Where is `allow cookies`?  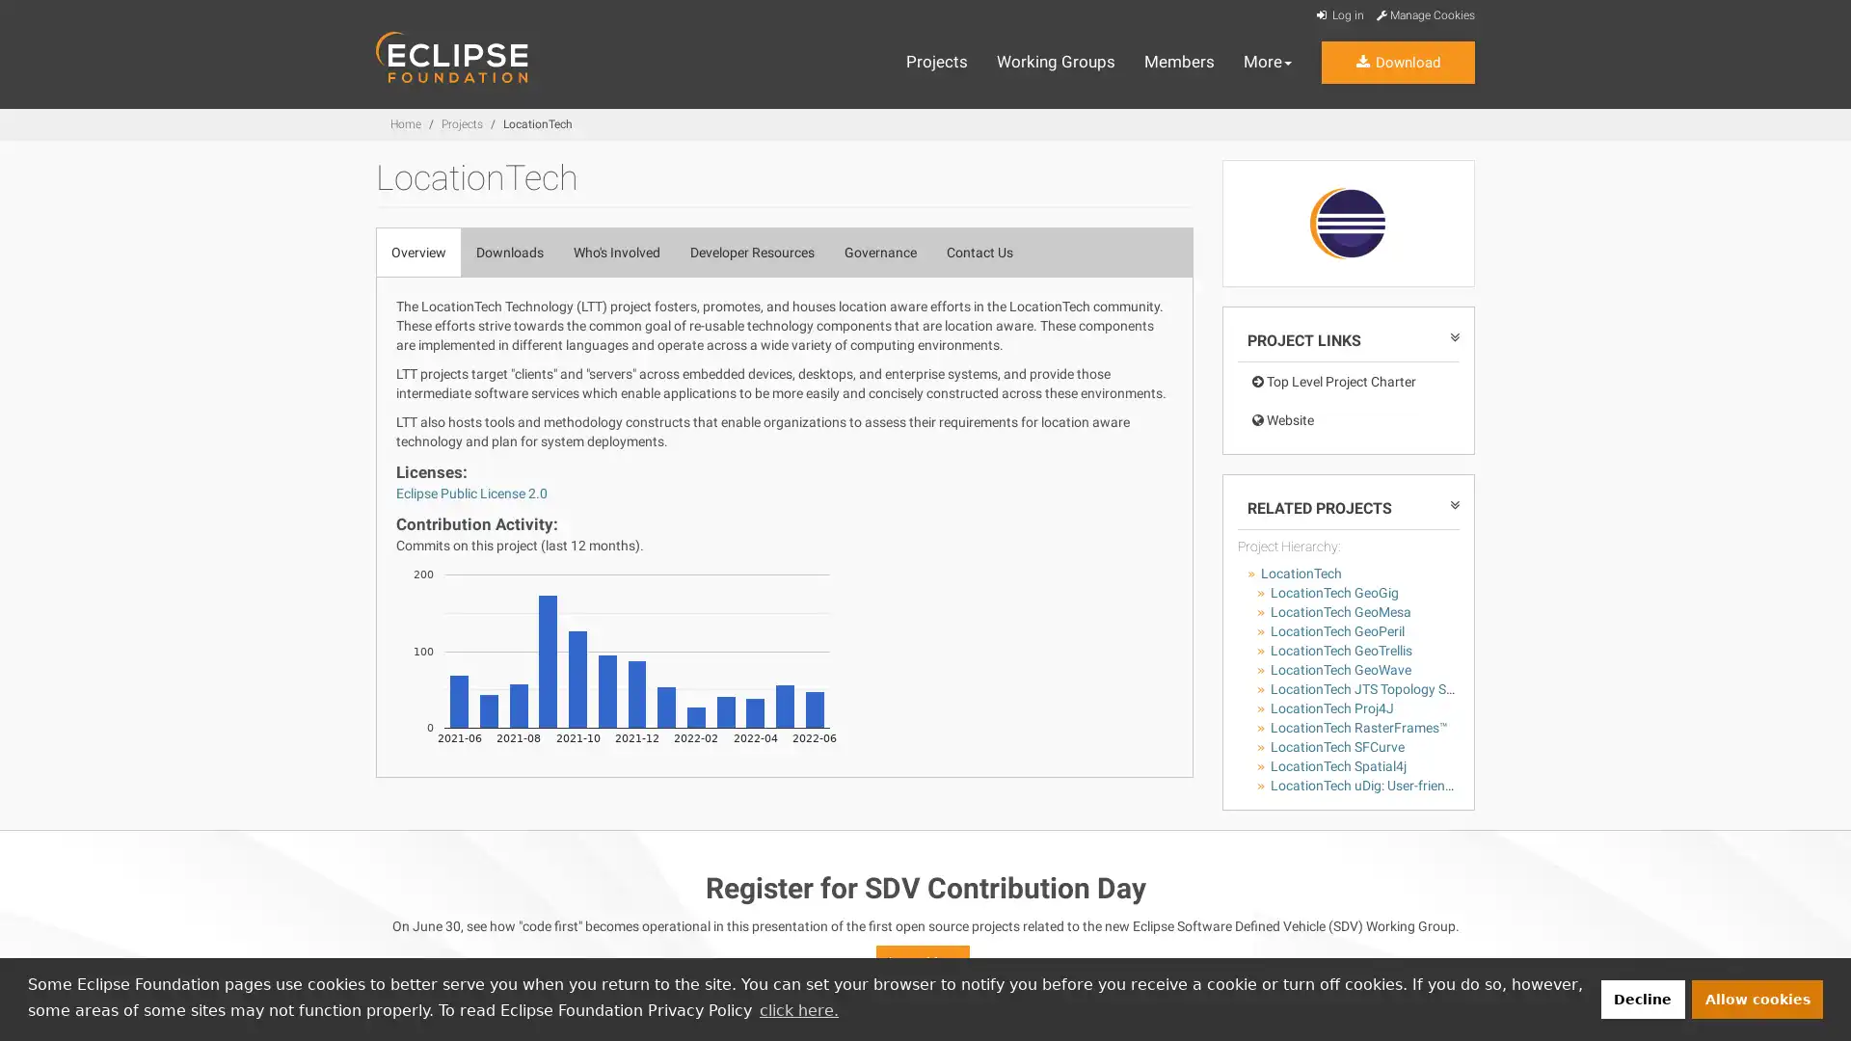
allow cookies is located at coordinates (1757, 998).